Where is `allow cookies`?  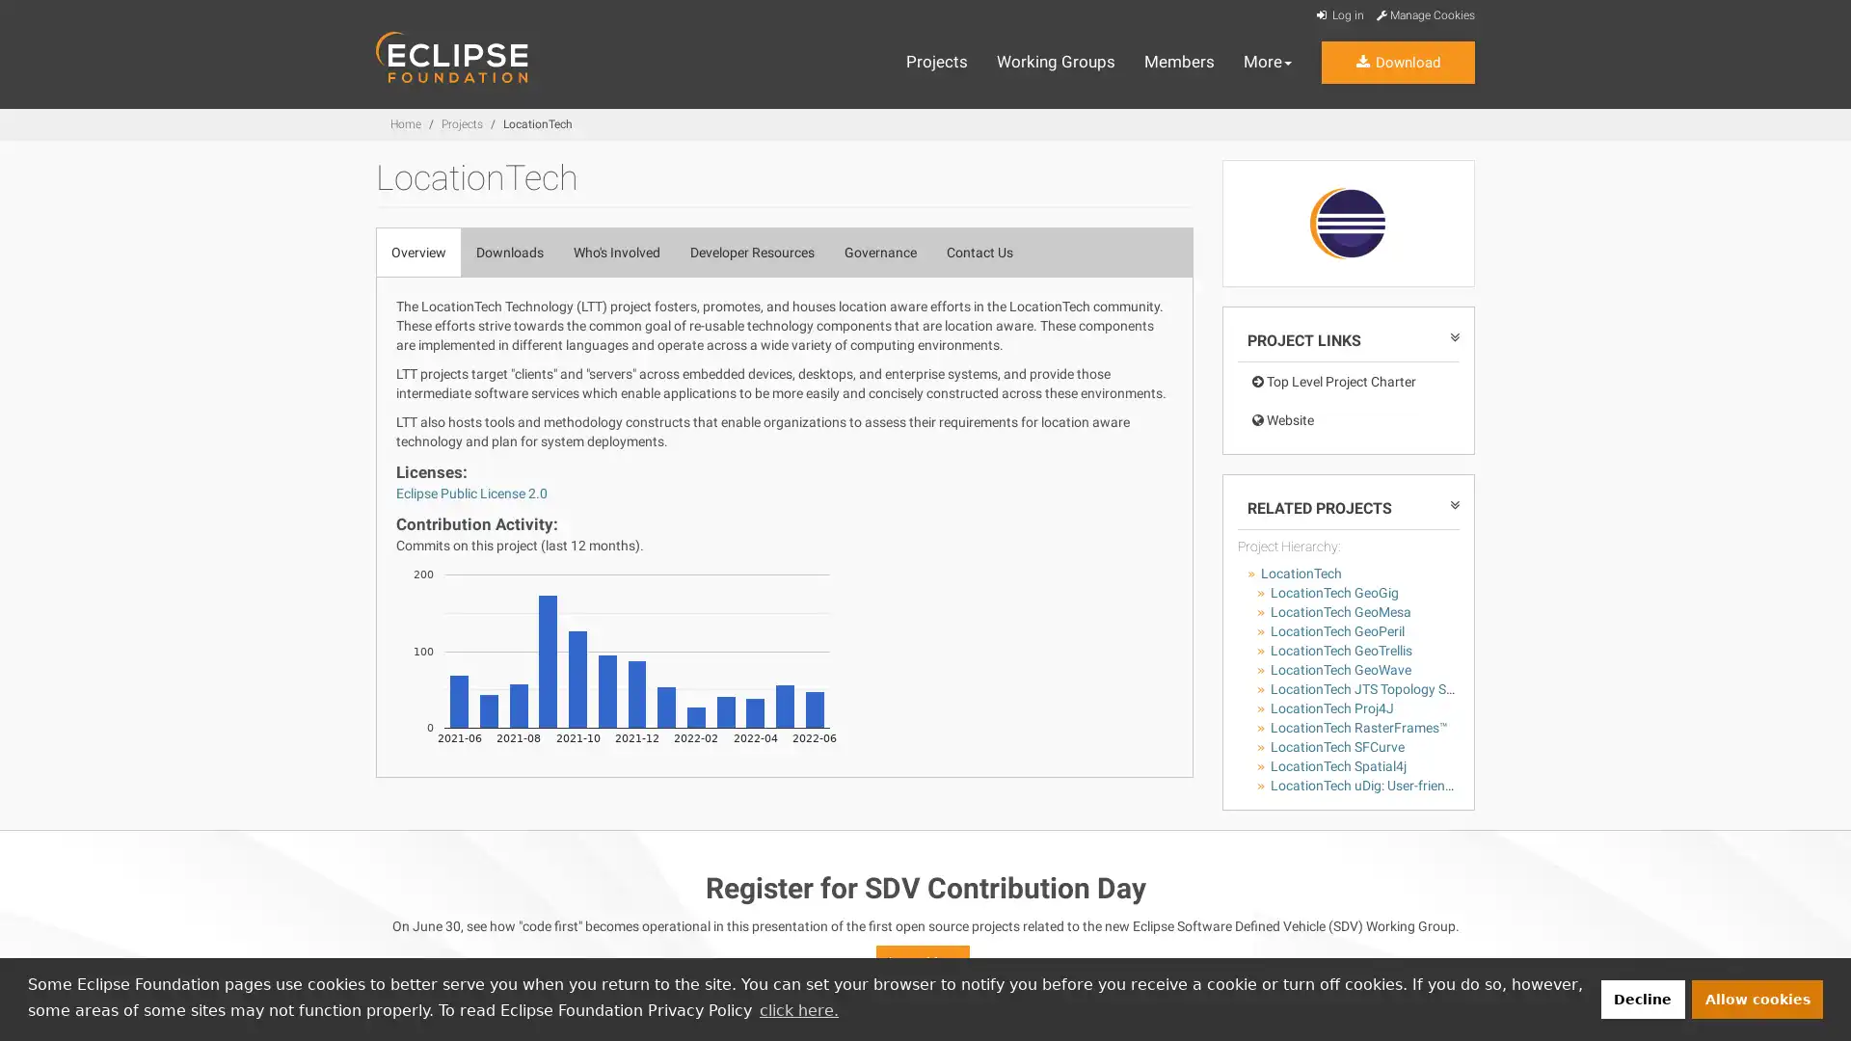
allow cookies is located at coordinates (1757, 998).